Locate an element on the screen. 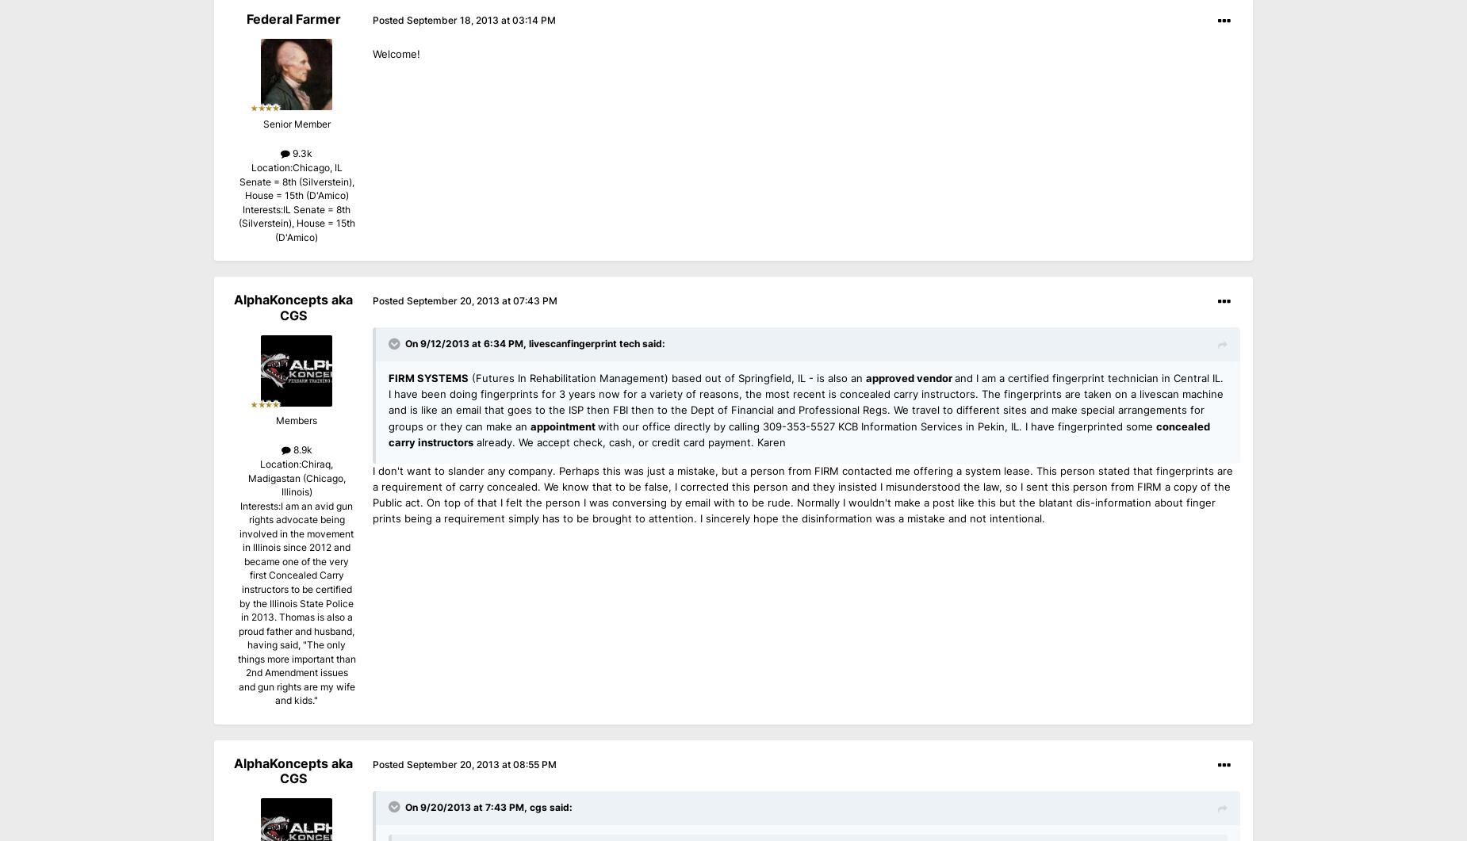 This screenshot has width=1467, height=841. 'September 20, 2013 at 08:55  PM' is located at coordinates (407, 763).